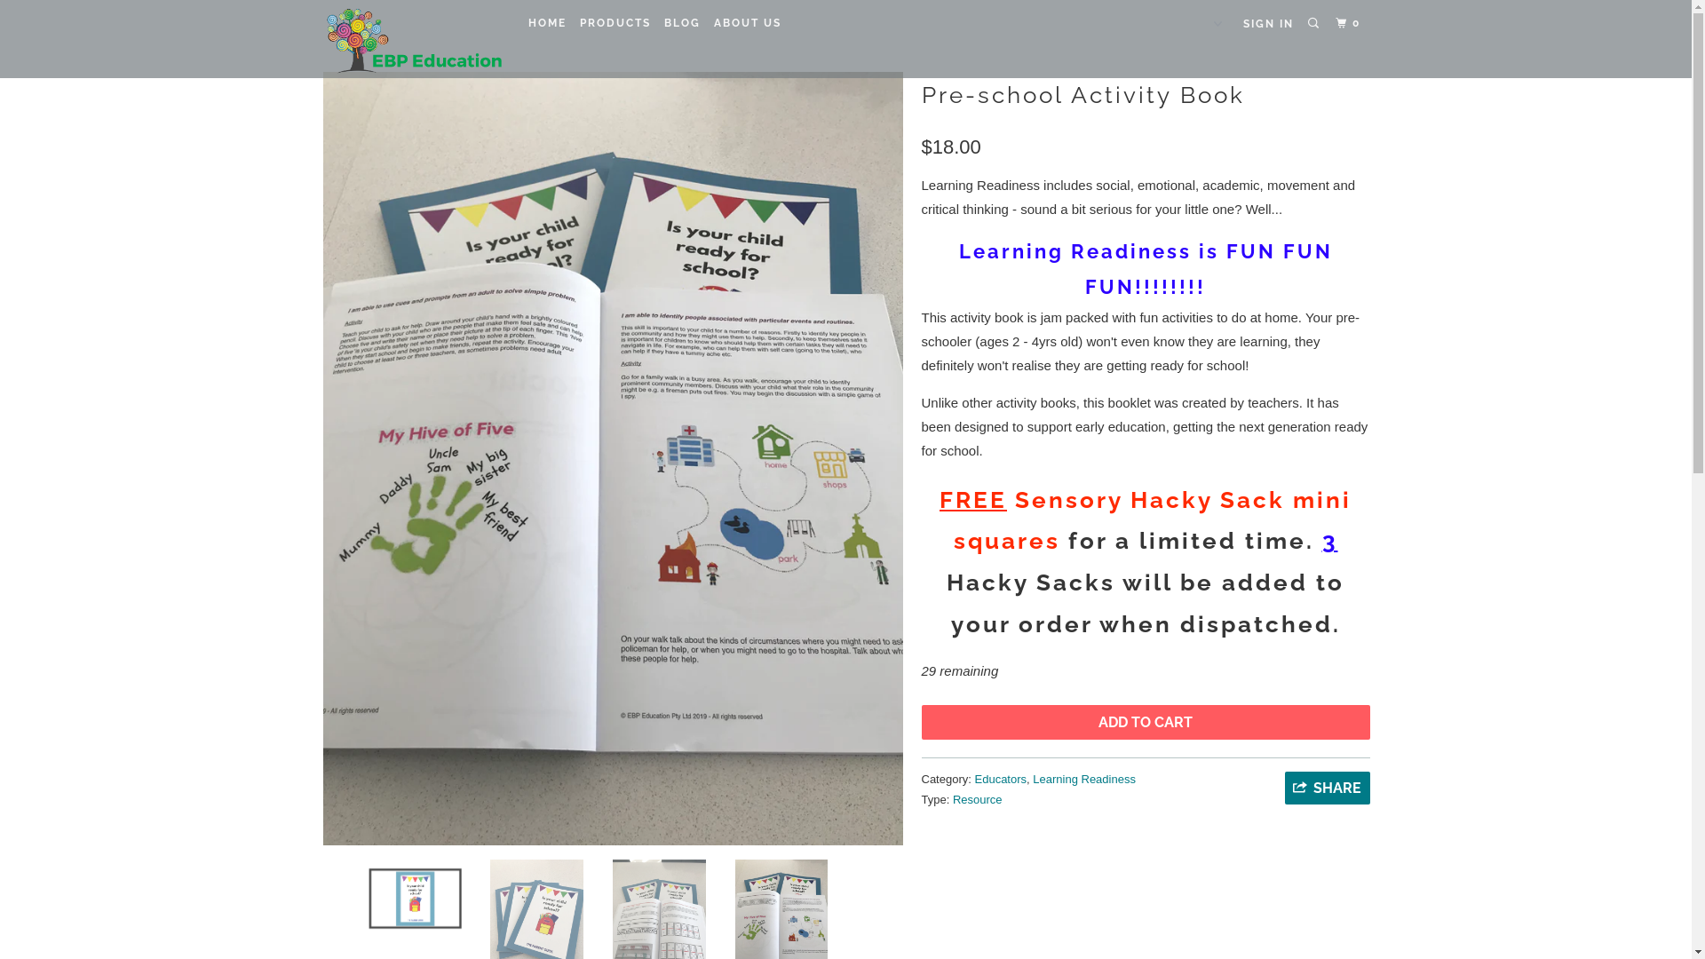 The image size is (1705, 959). What do you see at coordinates (976, 799) in the screenshot?
I see `'Resource'` at bounding box center [976, 799].